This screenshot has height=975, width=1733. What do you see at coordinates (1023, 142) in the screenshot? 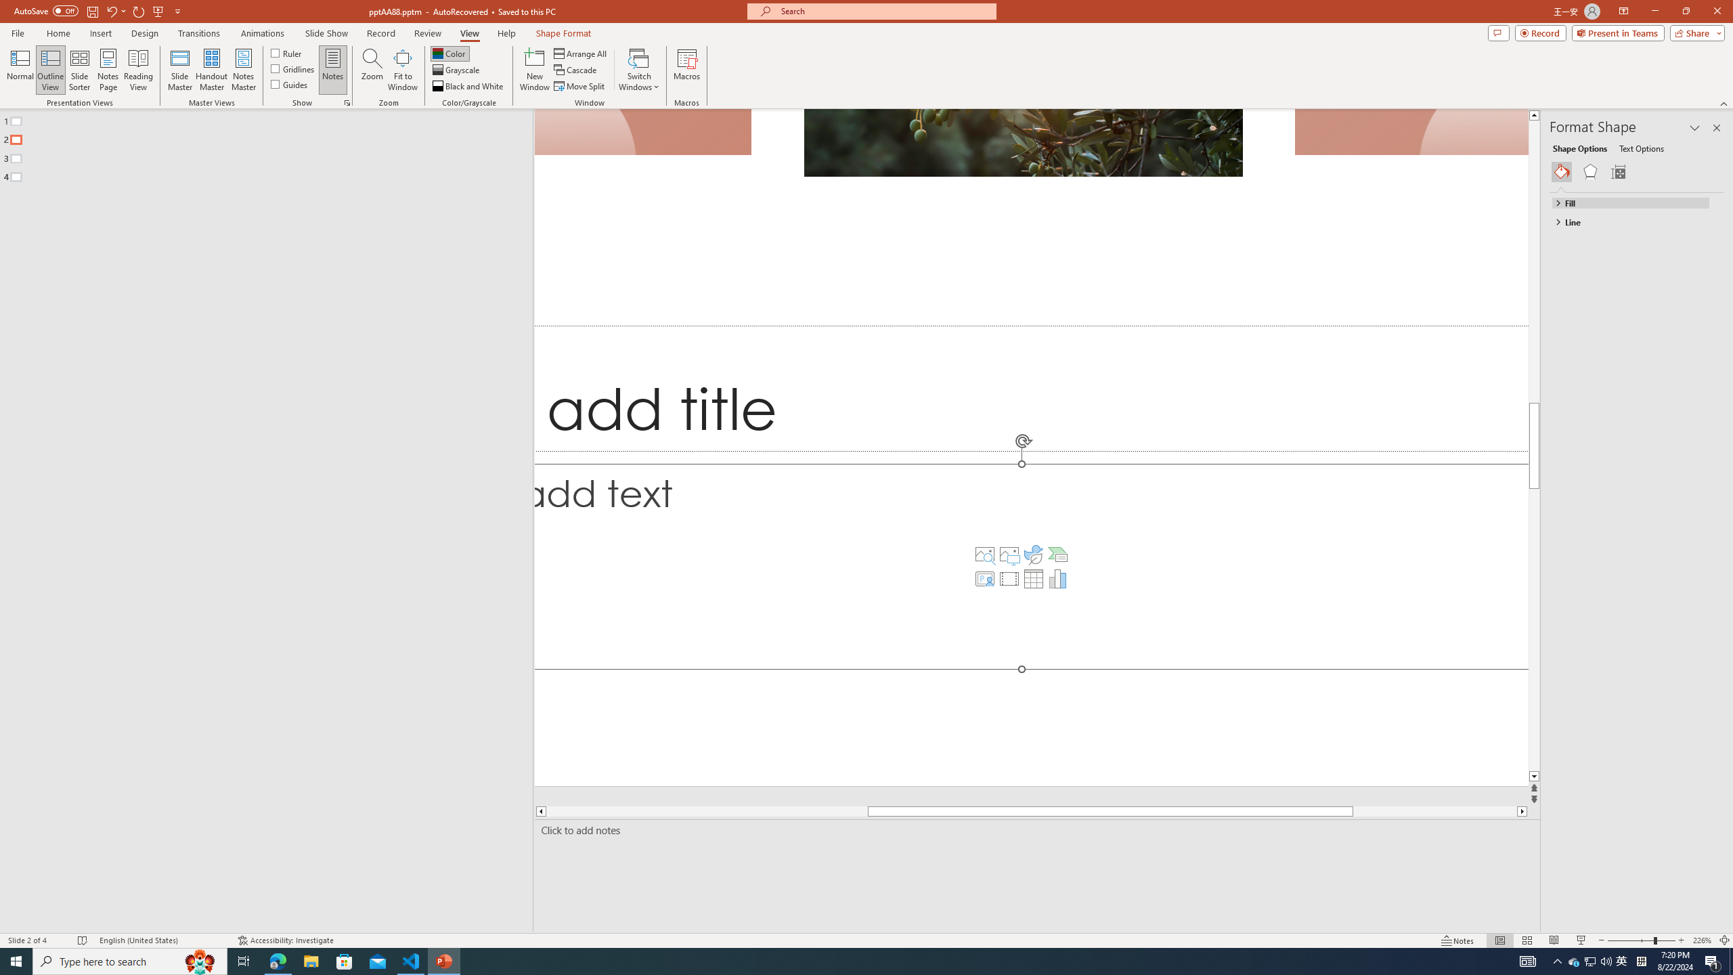
I see `'Close up of an olive branch on a sunset'` at bounding box center [1023, 142].